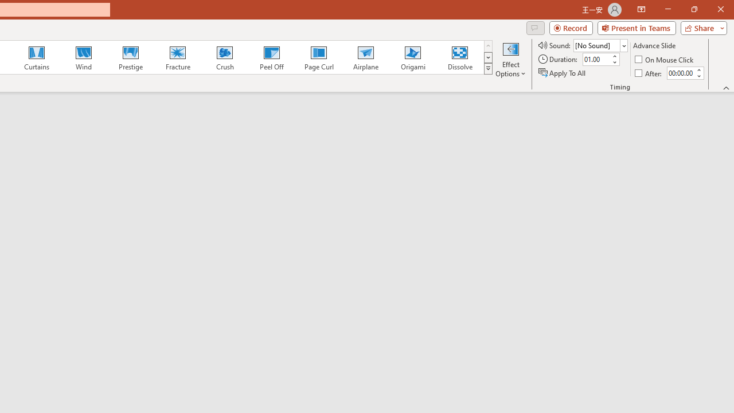 The image size is (734, 413). Describe the element at coordinates (37, 57) in the screenshot. I see `'Curtains'` at that location.